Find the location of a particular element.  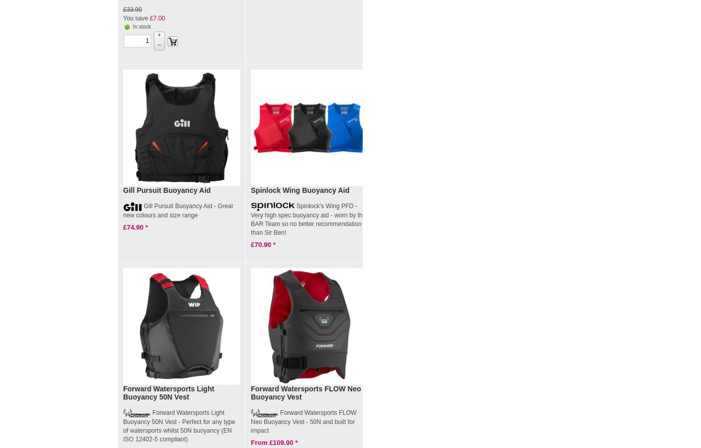

'Forward Watersports FLOW Neo Buoyancy Vest' is located at coordinates (306, 393).